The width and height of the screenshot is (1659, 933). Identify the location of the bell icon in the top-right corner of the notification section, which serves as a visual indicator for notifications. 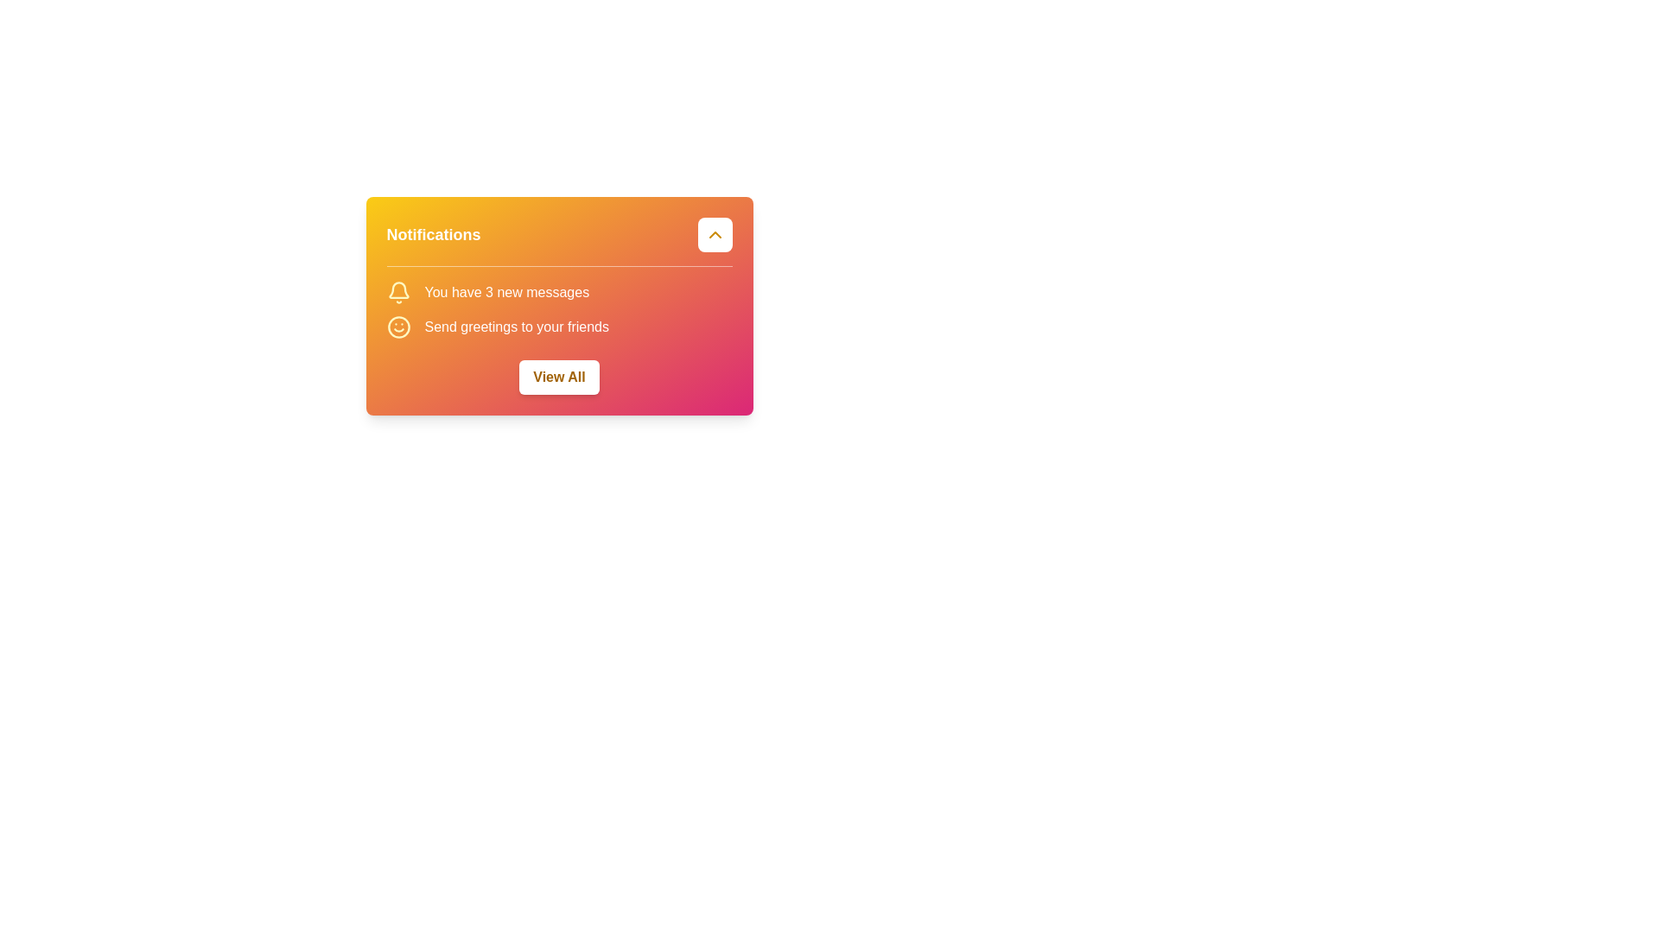
(397, 289).